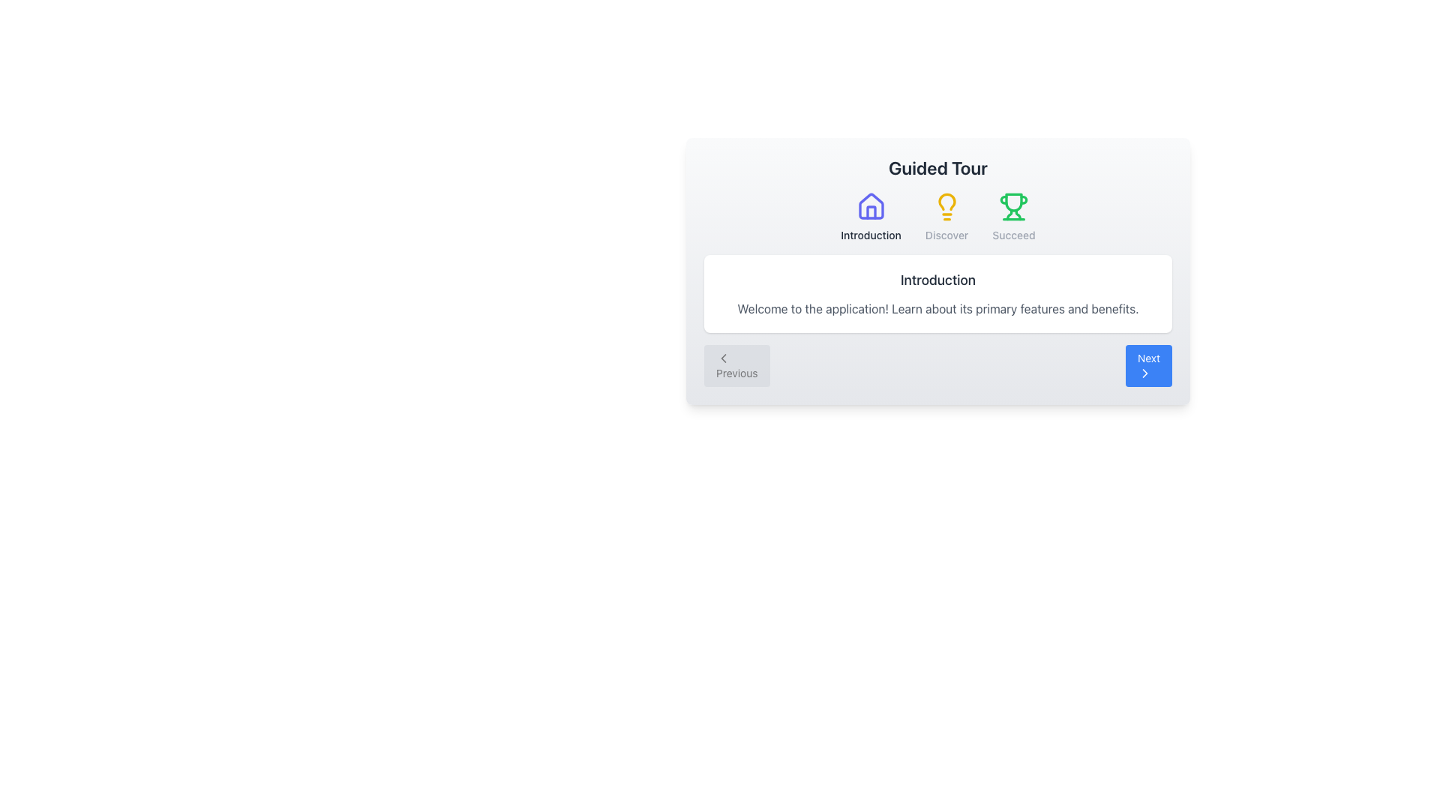 This screenshot has height=810, width=1440. What do you see at coordinates (937, 217) in the screenshot?
I see `the middle section of the guided tour steps, which contains a yellow lightbulb icon and the label 'Discover'` at bounding box center [937, 217].